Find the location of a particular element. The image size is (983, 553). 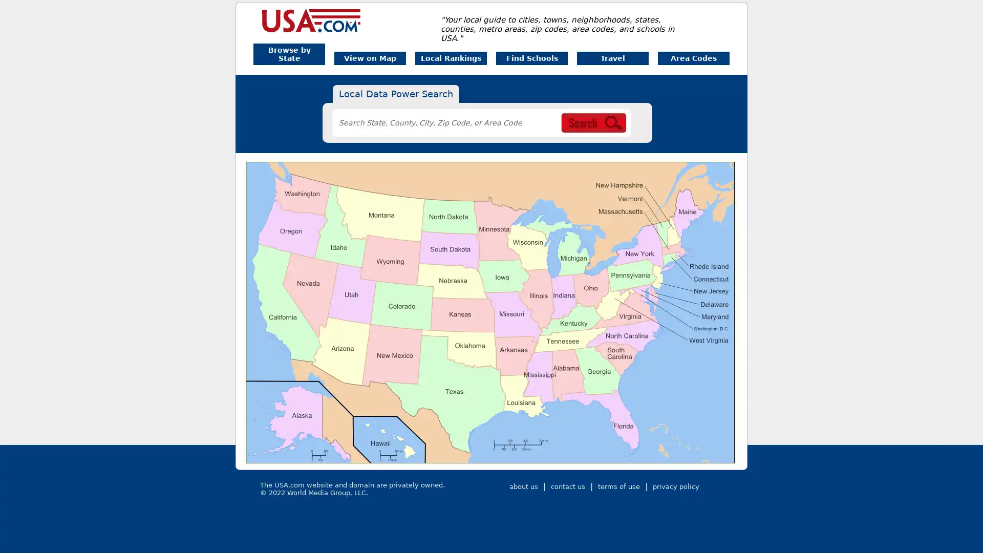

Submit is located at coordinates (628, 128).